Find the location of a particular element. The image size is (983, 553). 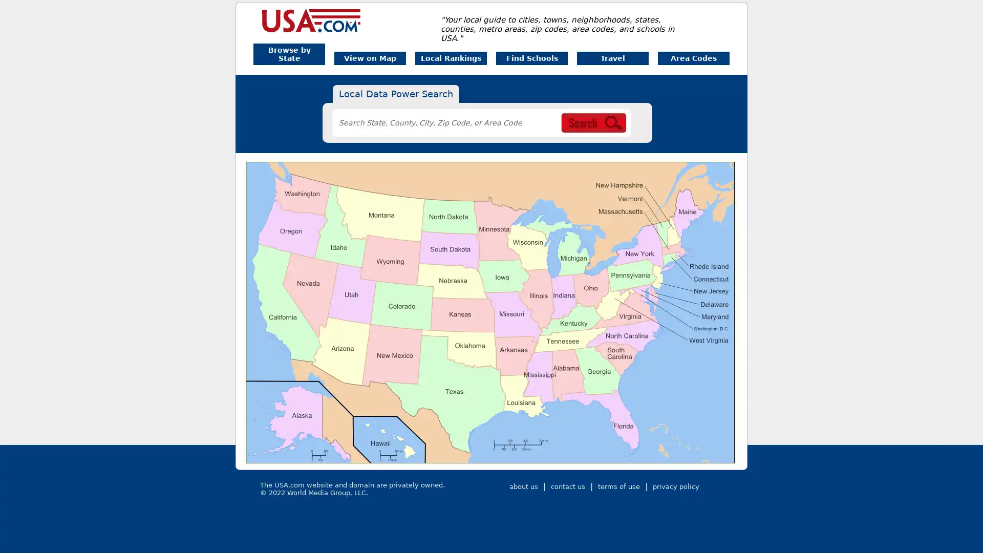

Submit is located at coordinates (628, 128).